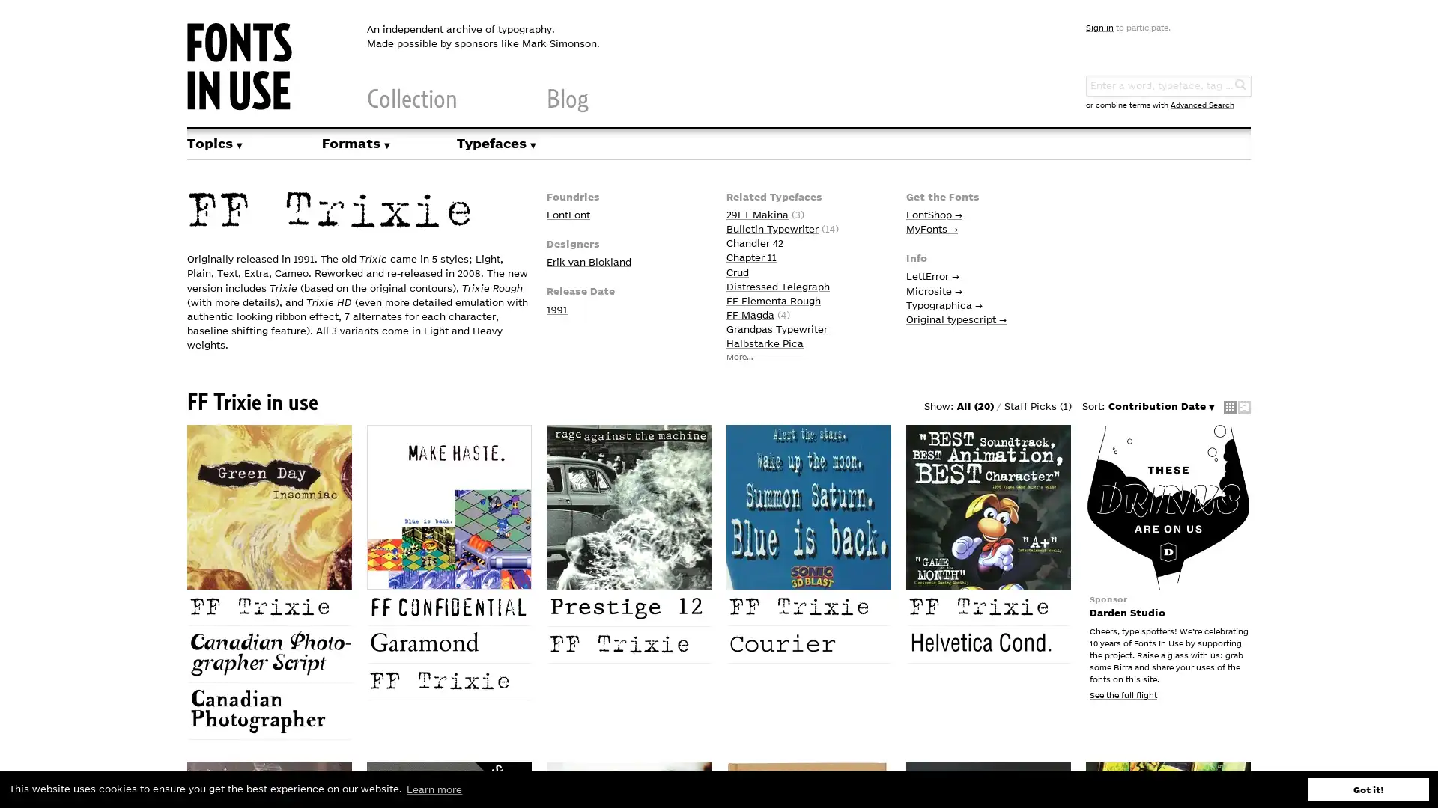 The height and width of the screenshot is (808, 1438). What do you see at coordinates (434, 789) in the screenshot?
I see `learn more about cookies` at bounding box center [434, 789].